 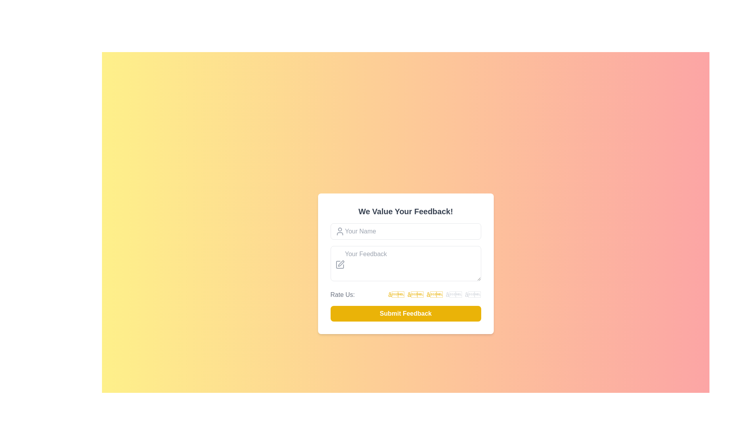 I want to click on the rectangular icon featuring an outlined square in the center, located in the feedback section's text area, to the left of the input field for user comments, so click(x=340, y=264).